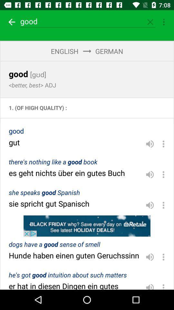 The width and height of the screenshot is (174, 310). Describe the element at coordinates (163, 174) in the screenshot. I see `settings option` at that location.